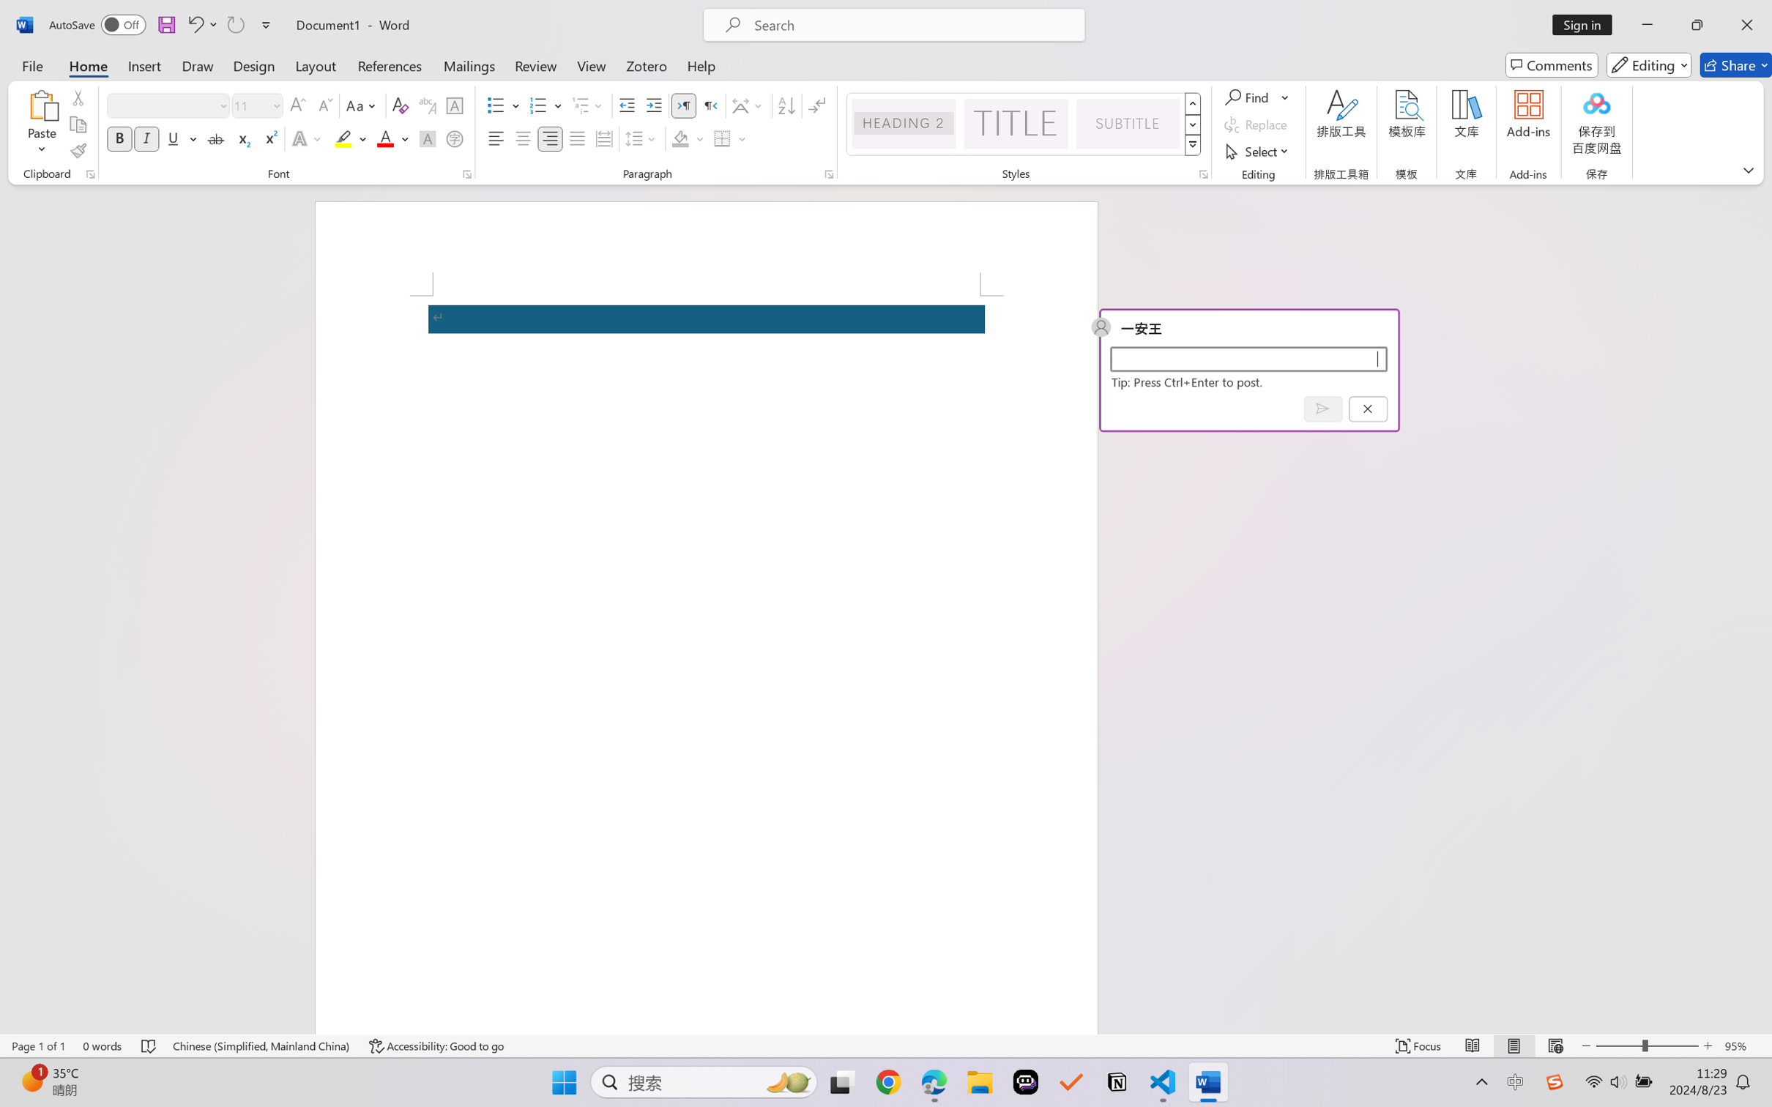 Image resolution: width=1772 pixels, height=1107 pixels. Describe the element at coordinates (680, 138) in the screenshot. I see `'Shading No Color'` at that location.